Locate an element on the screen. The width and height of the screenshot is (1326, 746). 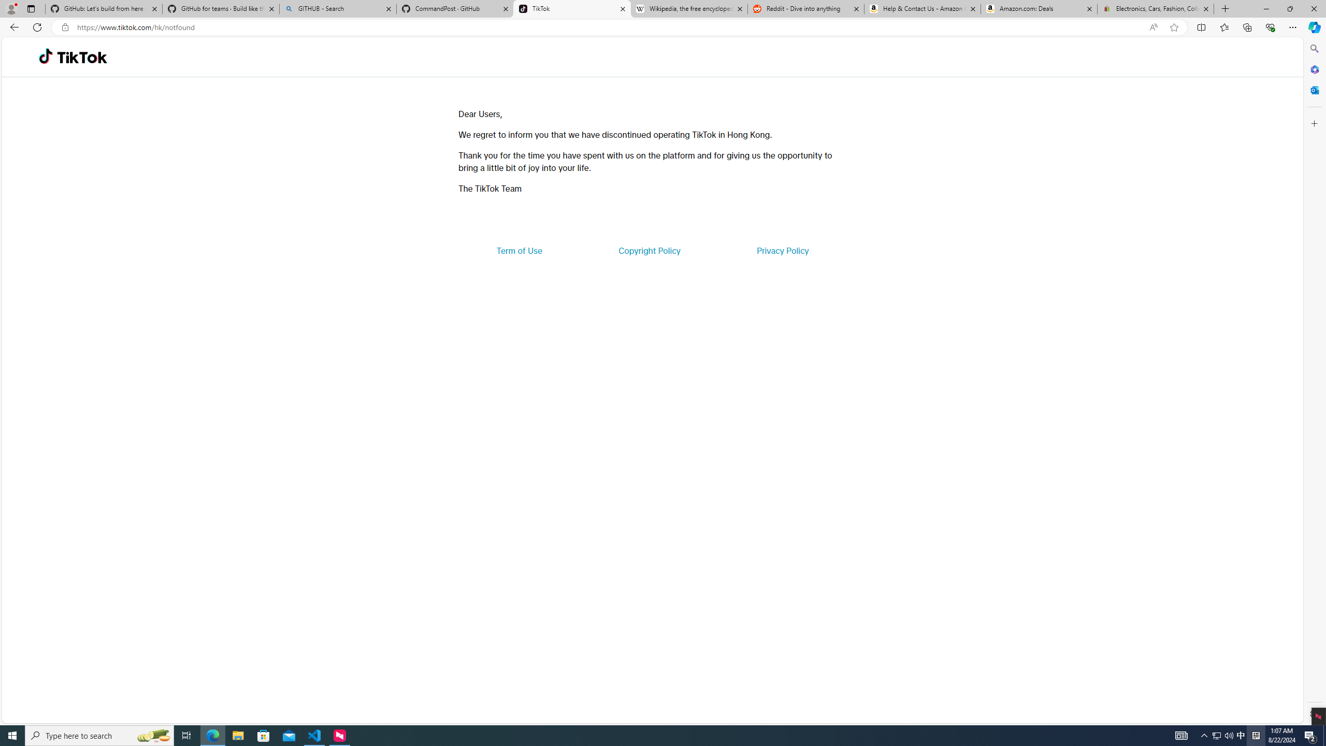
'Amazon.com: Deals' is located at coordinates (1039, 8).